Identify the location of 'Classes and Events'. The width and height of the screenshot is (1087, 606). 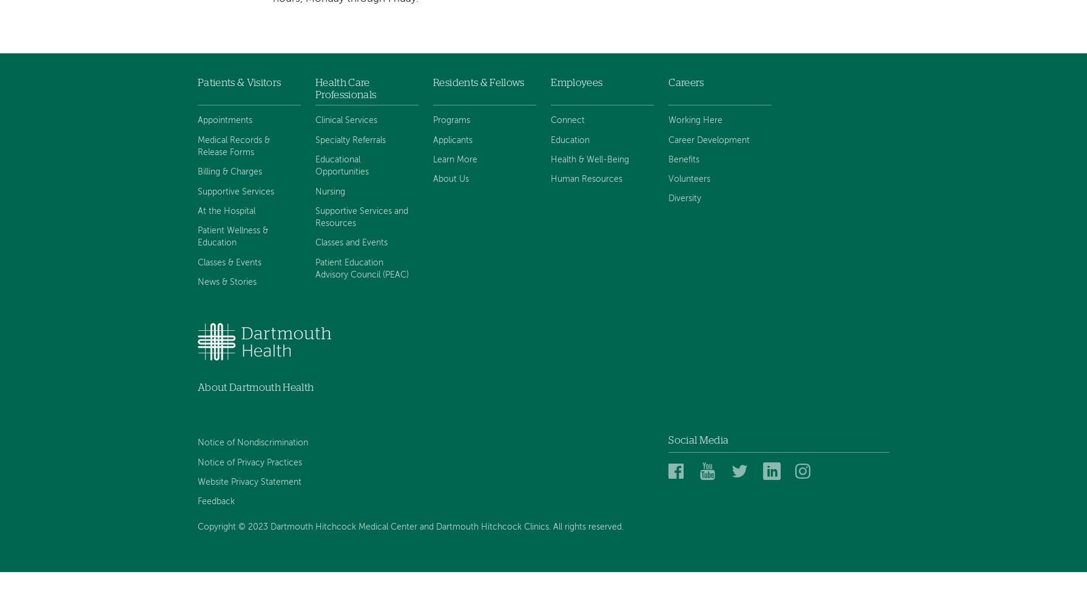
(315, 243).